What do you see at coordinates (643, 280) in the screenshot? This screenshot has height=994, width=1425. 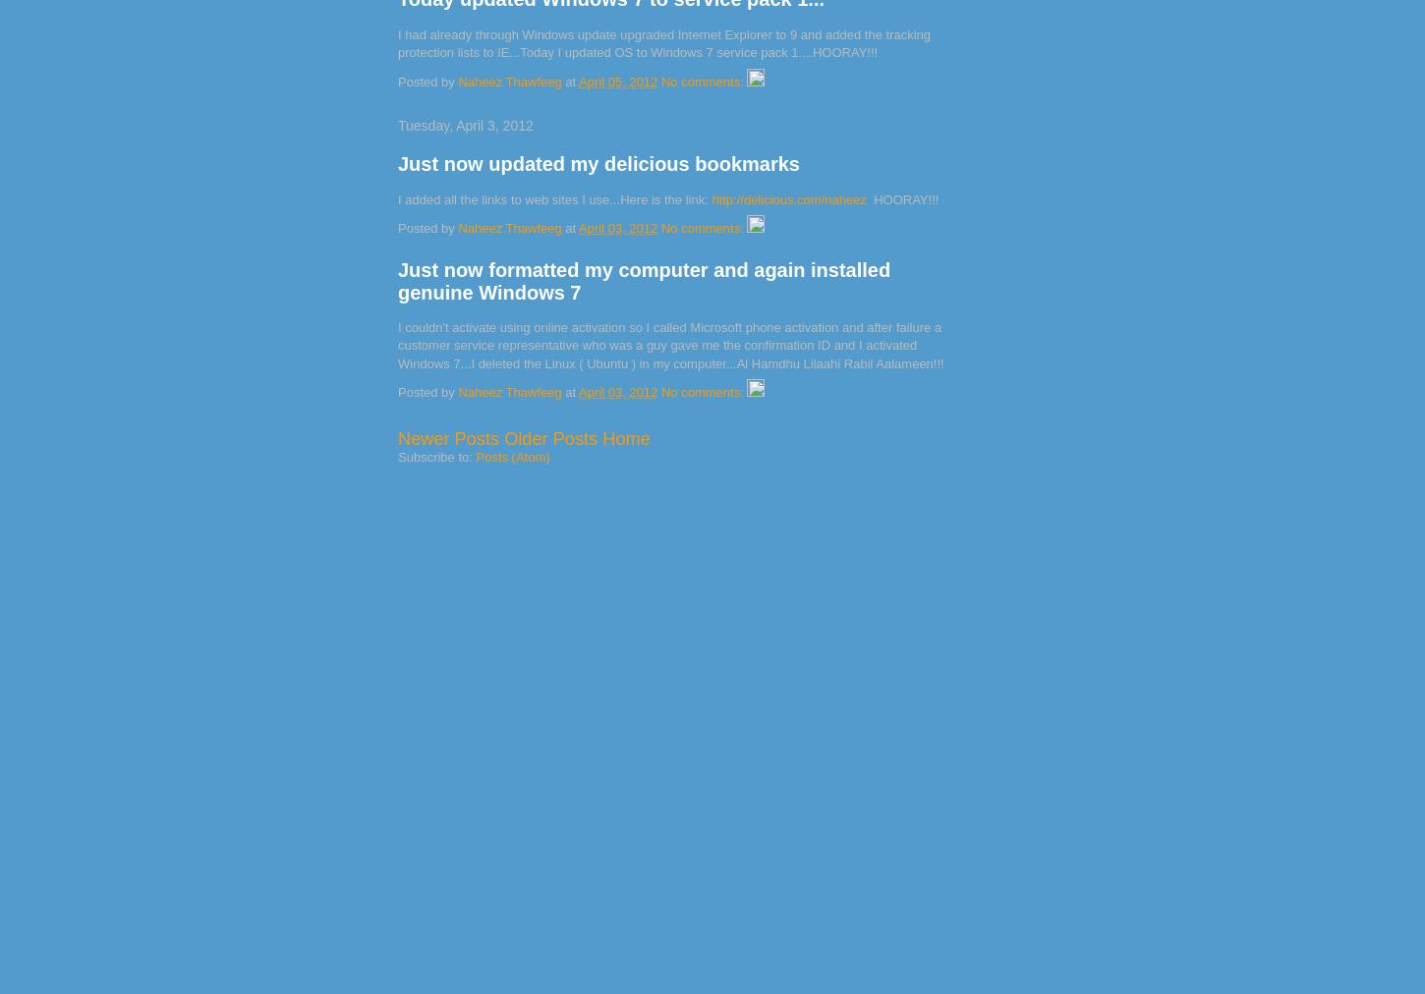 I see `'Just now formatted my computer and again installed genuine Windows 7'` at bounding box center [643, 280].